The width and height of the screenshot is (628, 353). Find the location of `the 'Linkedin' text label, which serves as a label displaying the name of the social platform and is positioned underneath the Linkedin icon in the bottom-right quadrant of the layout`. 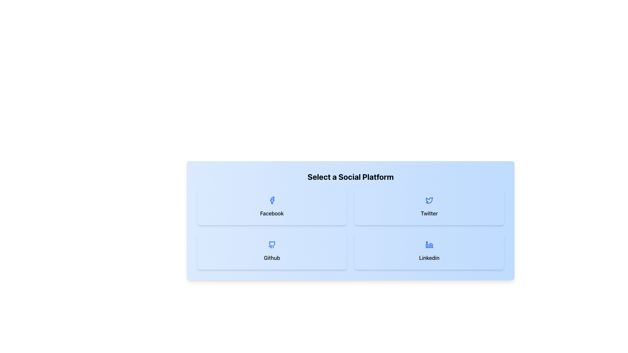

the 'Linkedin' text label, which serves as a label displaying the name of the social platform and is positioned underneath the Linkedin icon in the bottom-right quadrant of the layout is located at coordinates (429, 258).